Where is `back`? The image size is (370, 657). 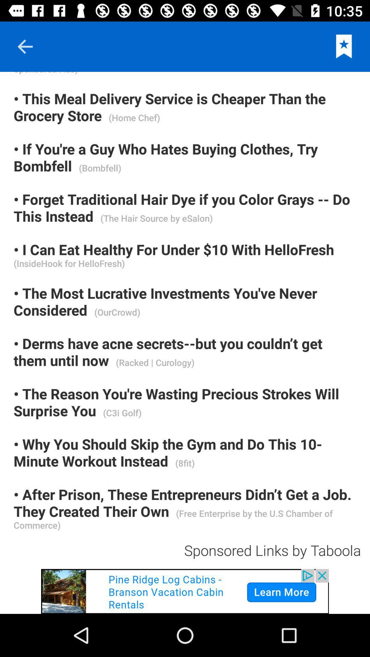
back is located at coordinates (25, 46).